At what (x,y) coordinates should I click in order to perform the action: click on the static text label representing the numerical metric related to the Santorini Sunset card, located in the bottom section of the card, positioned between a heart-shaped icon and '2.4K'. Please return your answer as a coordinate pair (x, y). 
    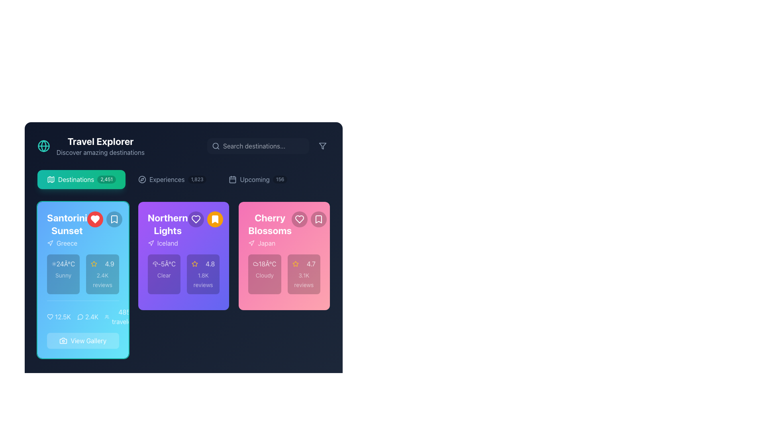
    Looking at the image, I should click on (63, 316).